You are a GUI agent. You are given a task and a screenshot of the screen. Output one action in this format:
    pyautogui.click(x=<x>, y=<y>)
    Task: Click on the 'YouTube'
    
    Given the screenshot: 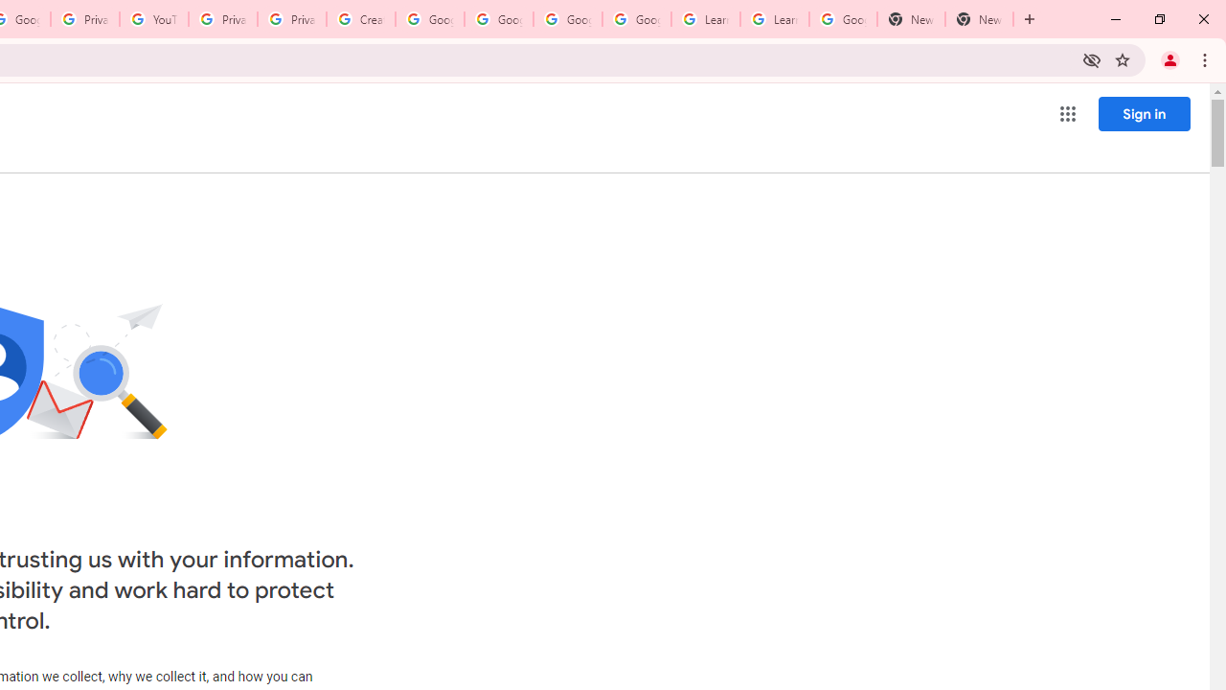 What is the action you would take?
    pyautogui.click(x=154, y=19)
    